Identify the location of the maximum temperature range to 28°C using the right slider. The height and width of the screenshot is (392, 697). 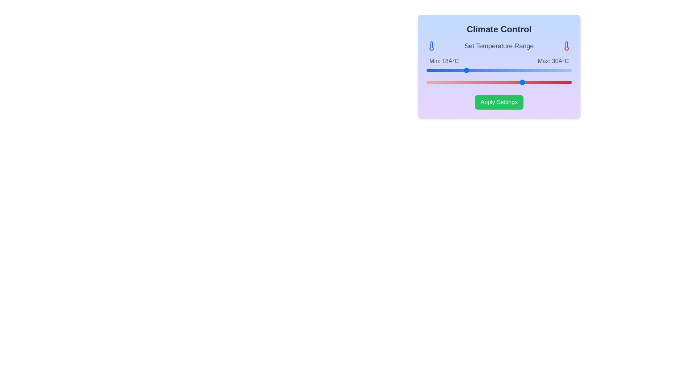
(513, 82).